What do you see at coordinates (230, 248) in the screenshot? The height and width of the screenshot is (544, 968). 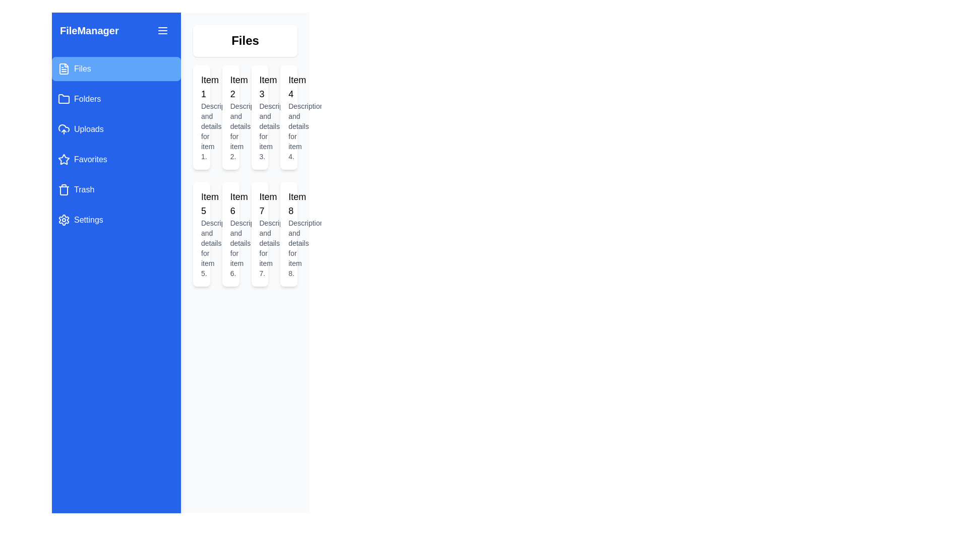 I see `text label that says 'Description and details for item 6.' located below the heading 'Item 6' in the card layout` at bounding box center [230, 248].